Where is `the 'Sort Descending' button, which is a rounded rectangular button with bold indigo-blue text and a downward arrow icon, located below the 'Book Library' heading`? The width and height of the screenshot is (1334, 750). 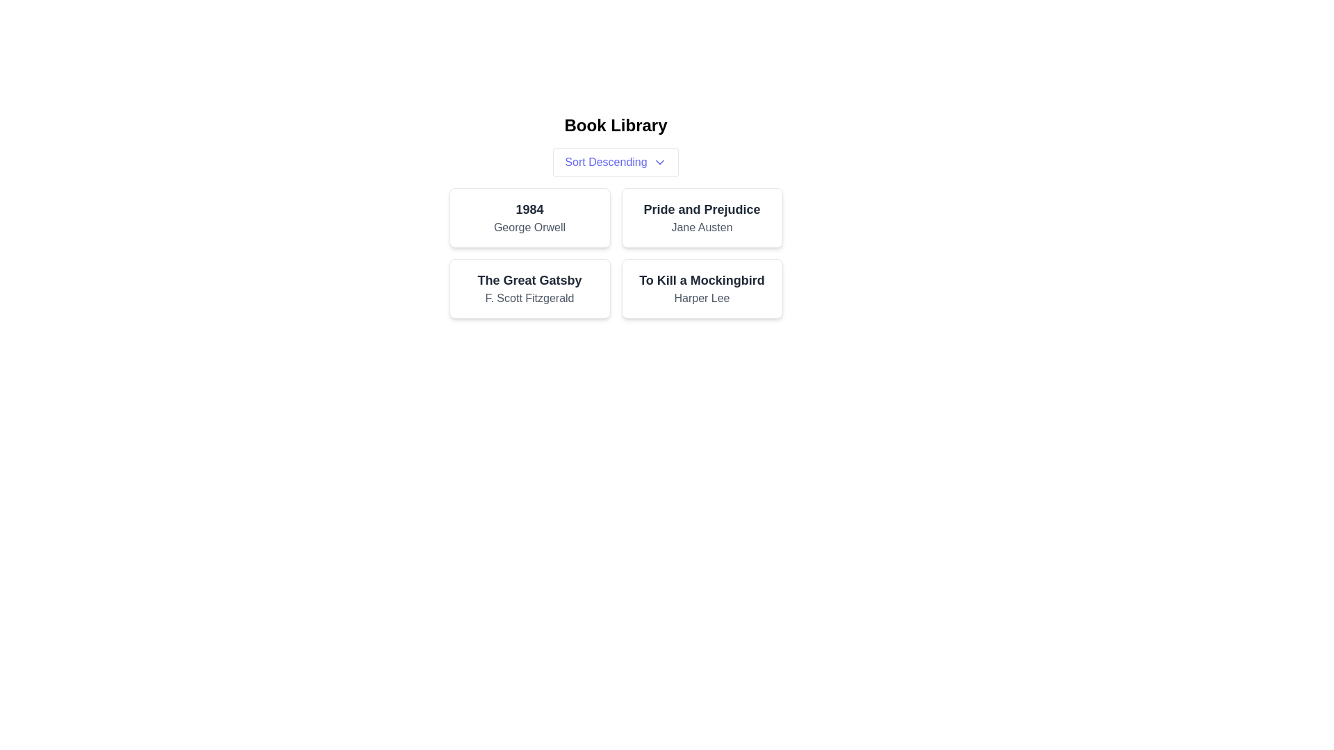 the 'Sort Descending' button, which is a rounded rectangular button with bold indigo-blue text and a downward arrow icon, located below the 'Book Library' heading is located at coordinates (615, 162).